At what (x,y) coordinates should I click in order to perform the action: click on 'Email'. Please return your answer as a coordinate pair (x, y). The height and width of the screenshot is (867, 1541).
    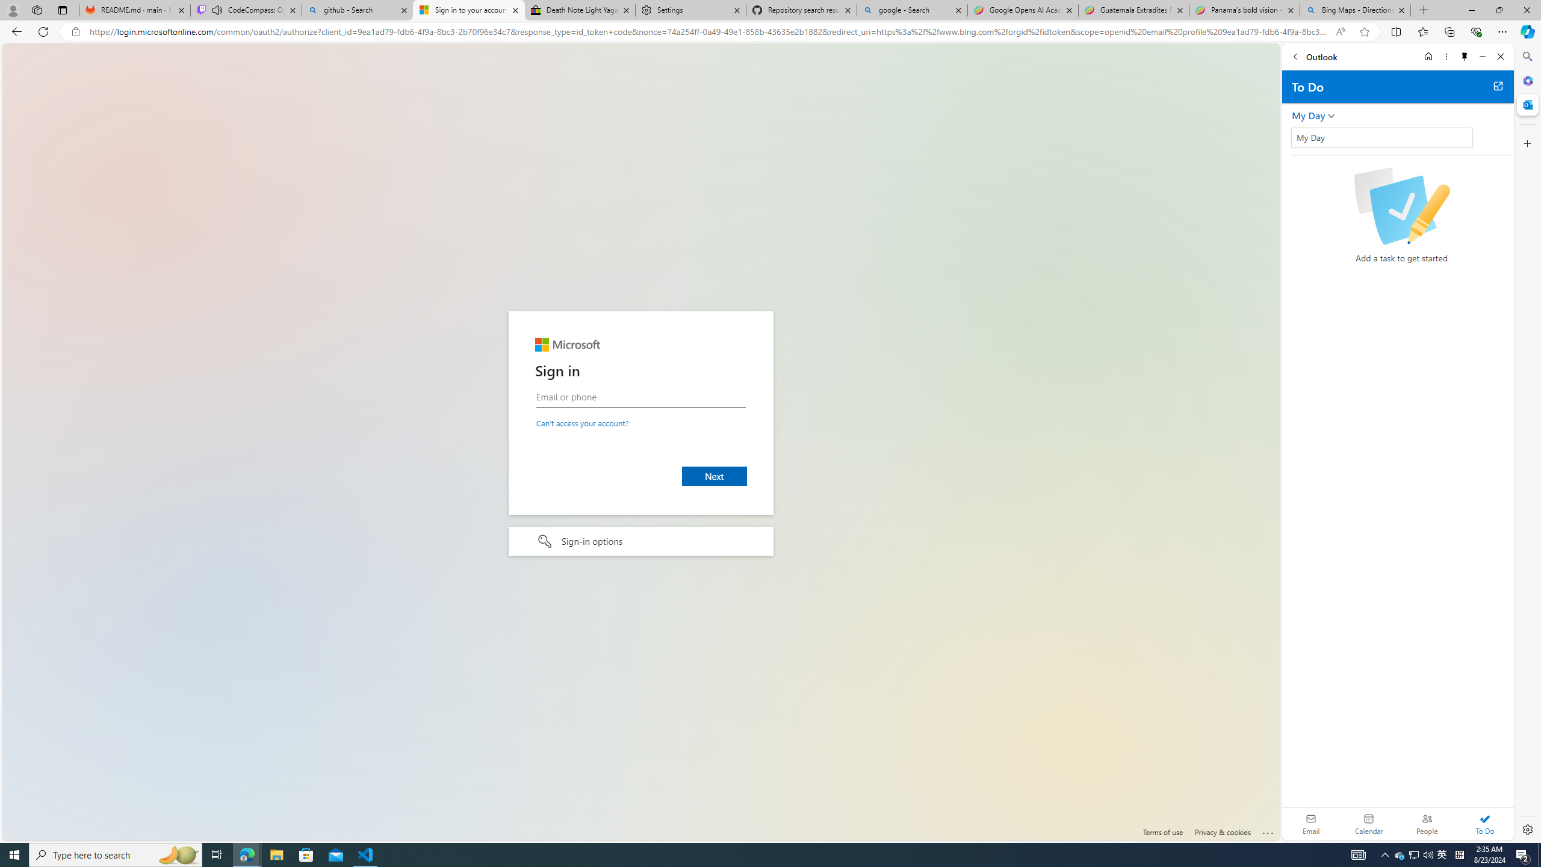
    Looking at the image, I should click on (1310, 823).